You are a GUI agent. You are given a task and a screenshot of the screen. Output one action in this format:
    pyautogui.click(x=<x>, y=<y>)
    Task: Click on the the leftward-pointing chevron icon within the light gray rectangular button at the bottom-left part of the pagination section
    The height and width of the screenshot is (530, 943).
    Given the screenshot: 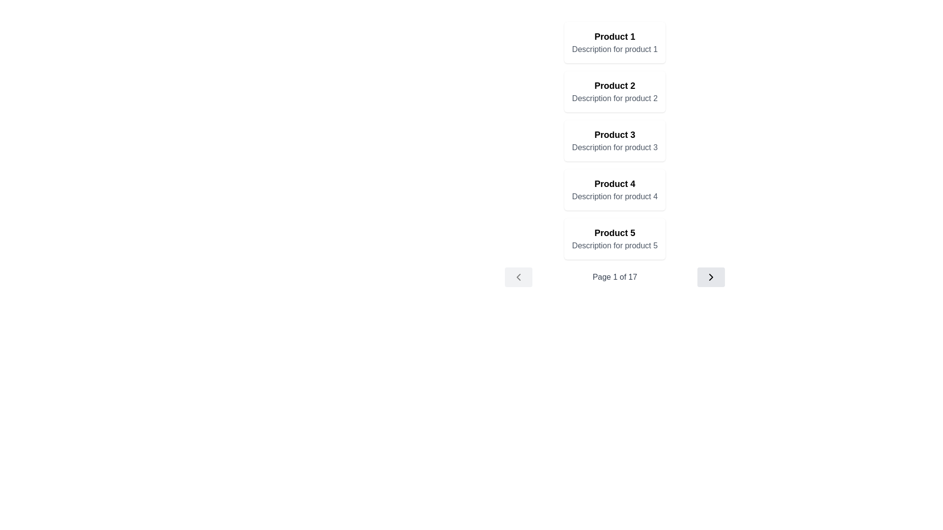 What is the action you would take?
    pyautogui.click(x=518, y=277)
    